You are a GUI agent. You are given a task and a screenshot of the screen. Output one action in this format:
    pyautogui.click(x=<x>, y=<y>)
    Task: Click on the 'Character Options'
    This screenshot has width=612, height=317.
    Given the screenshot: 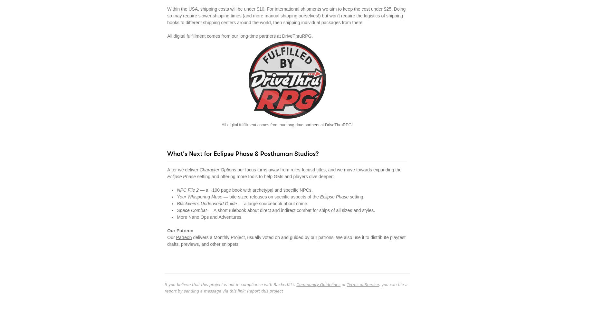 What is the action you would take?
    pyautogui.click(x=199, y=169)
    